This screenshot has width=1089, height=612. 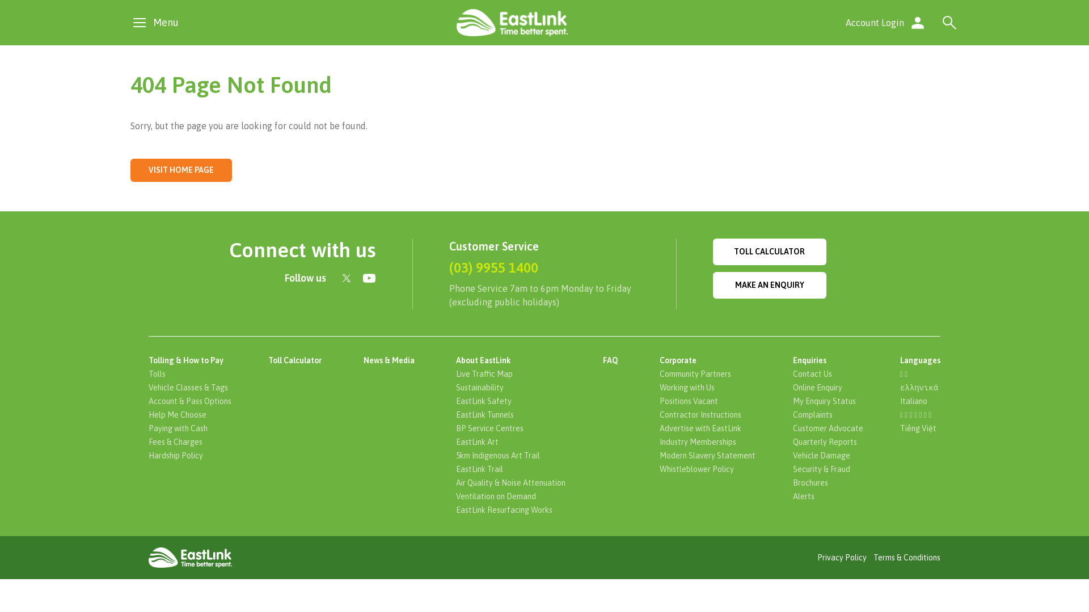 I want to click on 'EastLink Safety', so click(x=456, y=401).